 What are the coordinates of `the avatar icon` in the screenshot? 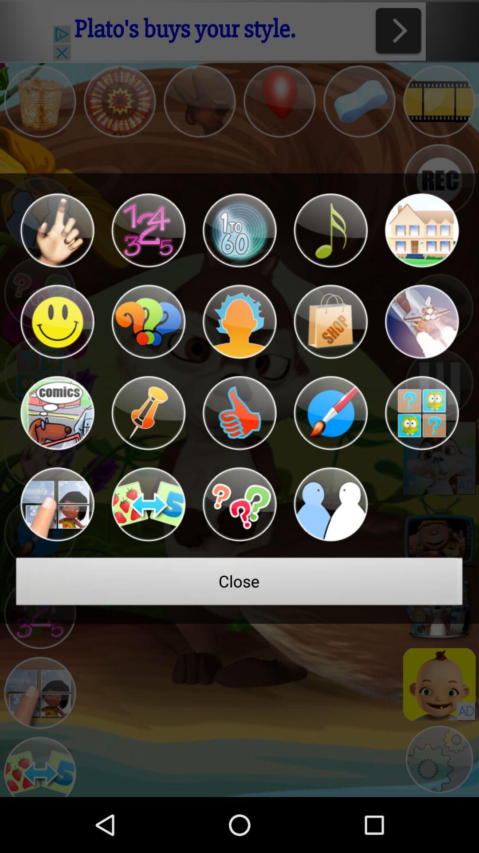 It's located at (57, 539).